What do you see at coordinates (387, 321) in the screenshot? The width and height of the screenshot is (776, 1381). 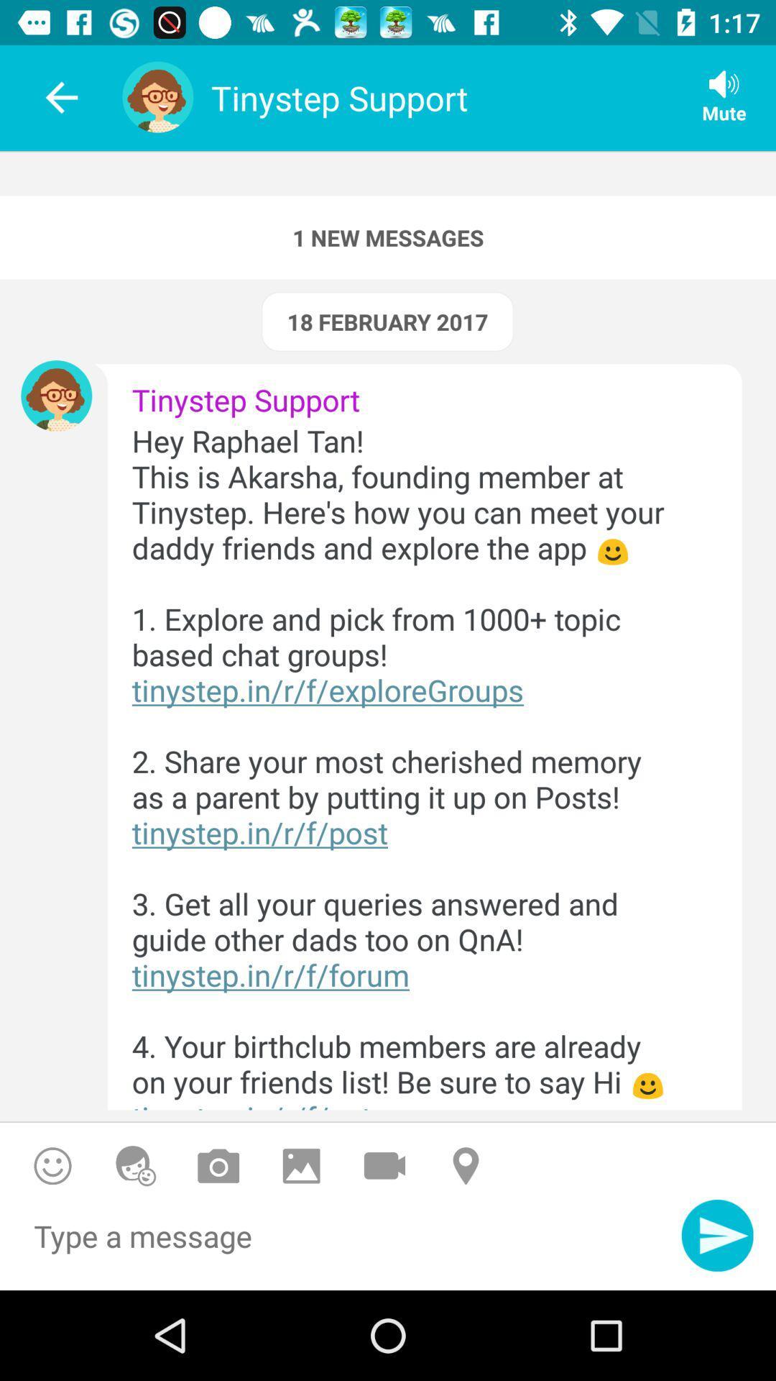 I see `18 february 2017 icon` at bounding box center [387, 321].